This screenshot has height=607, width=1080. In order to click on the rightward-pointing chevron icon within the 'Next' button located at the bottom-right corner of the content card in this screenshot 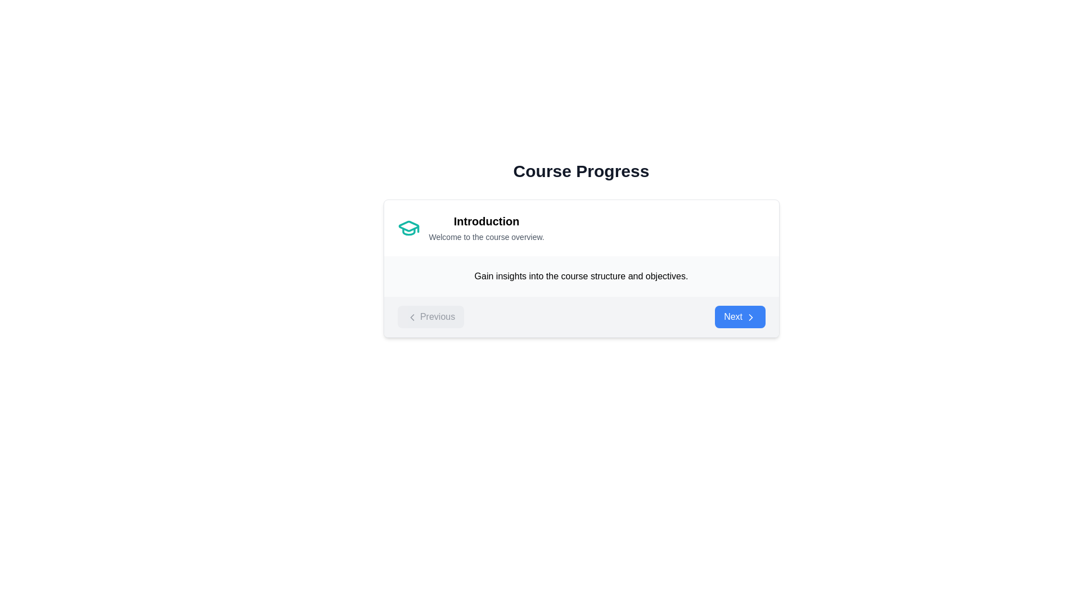, I will do `click(750, 317)`.